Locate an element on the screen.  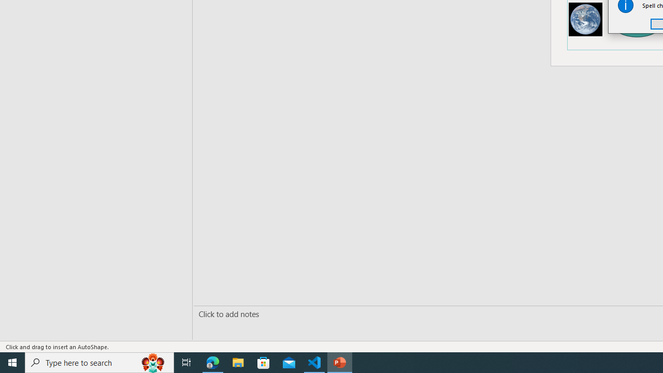
'Task View' is located at coordinates (186, 362).